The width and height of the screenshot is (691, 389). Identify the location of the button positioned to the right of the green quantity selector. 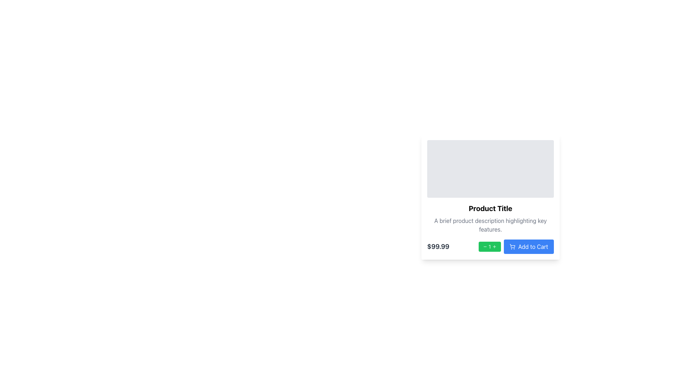
(533, 246).